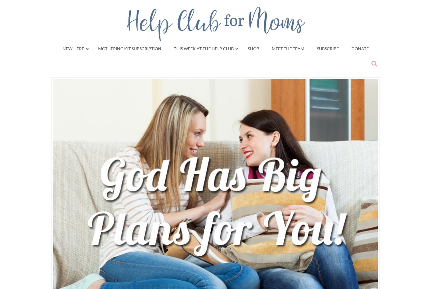 The width and height of the screenshot is (431, 289). Describe the element at coordinates (331, 139) in the screenshot. I see `'Where Do You Shine Your Spotlight?'` at that location.